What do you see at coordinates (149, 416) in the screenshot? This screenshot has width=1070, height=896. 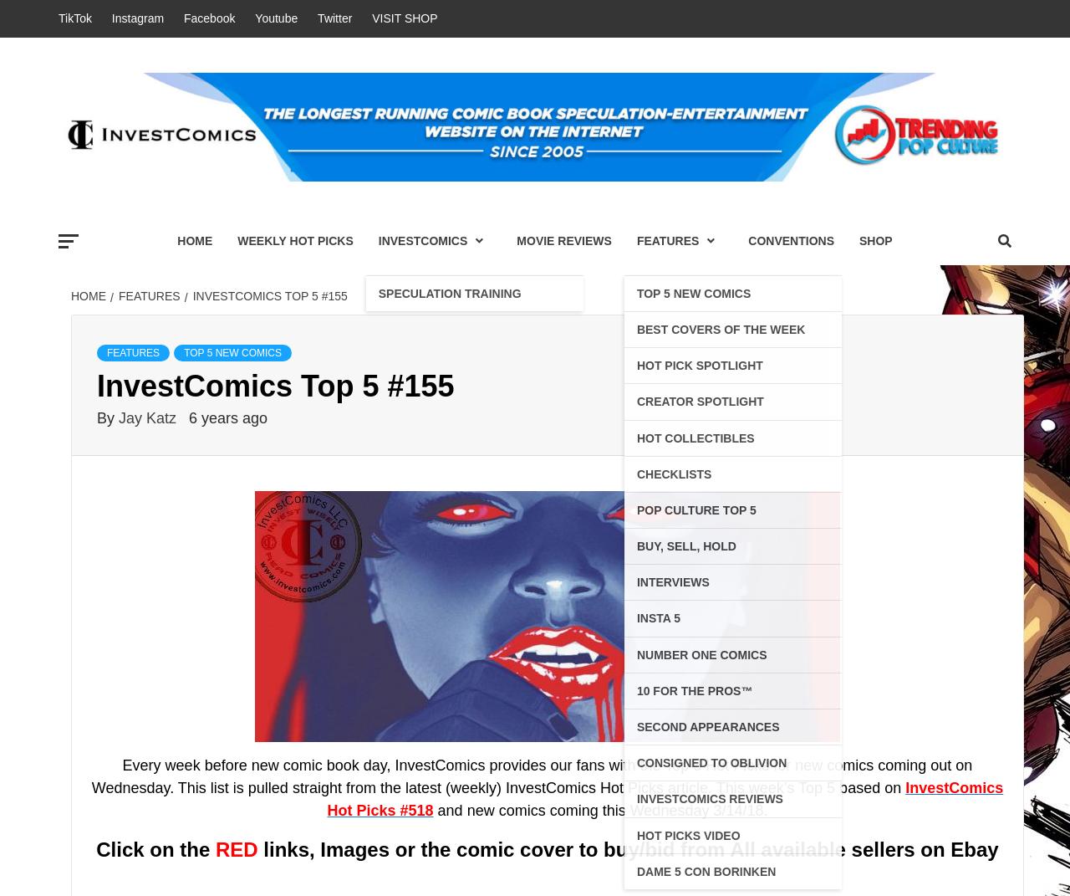 I see `'Jay Katz'` at bounding box center [149, 416].